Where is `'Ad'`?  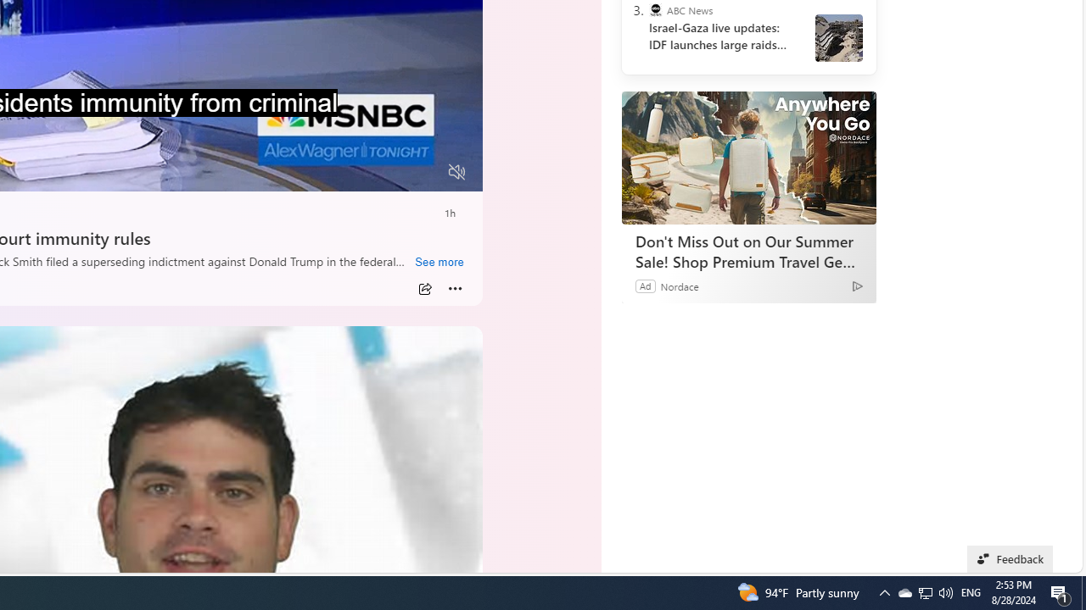 'Ad' is located at coordinates (644, 285).